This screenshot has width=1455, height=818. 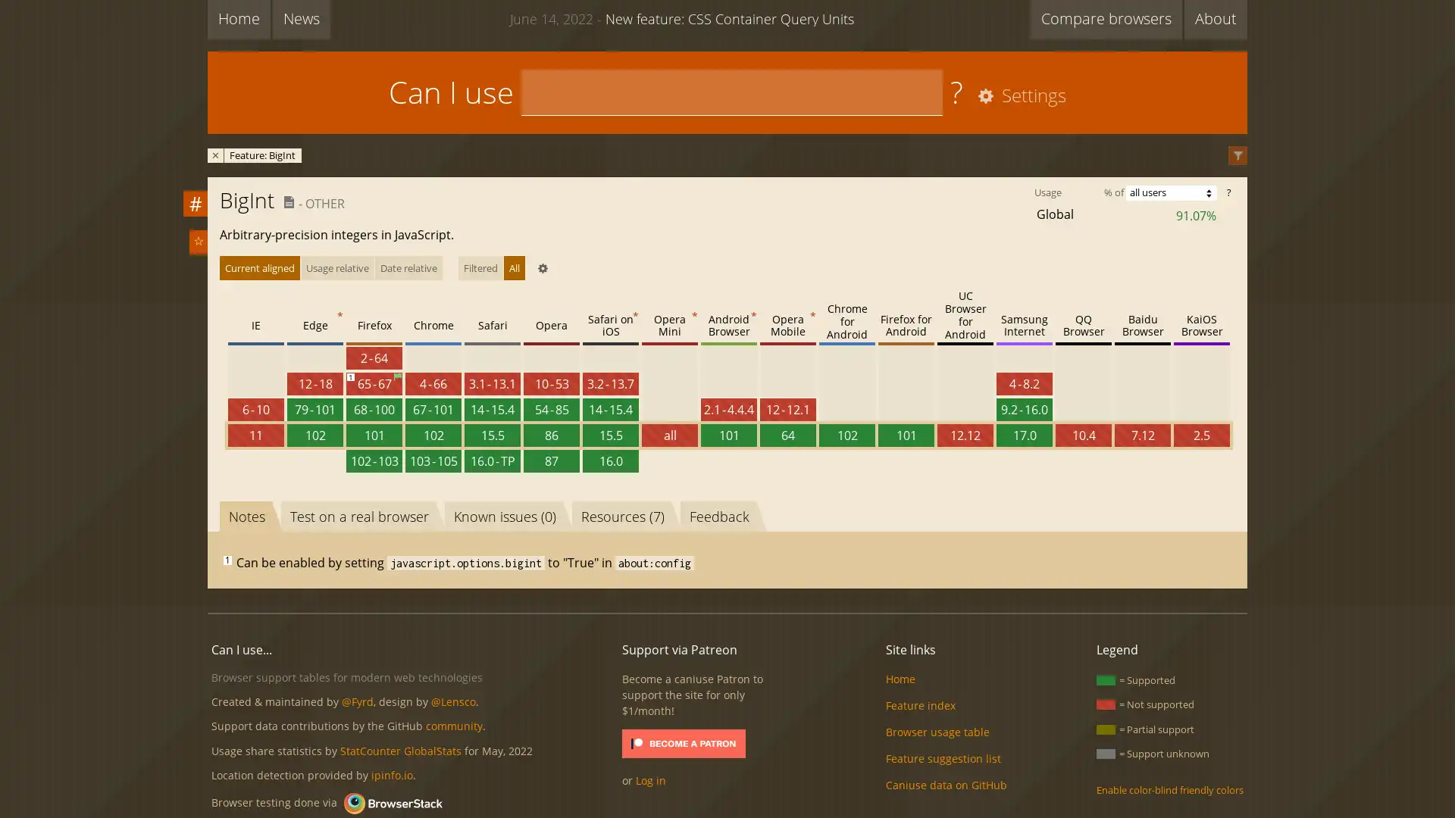 What do you see at coordinates (1018, 96) in the screenshot?
I see `Settings` at bounding box center [1018, 96].